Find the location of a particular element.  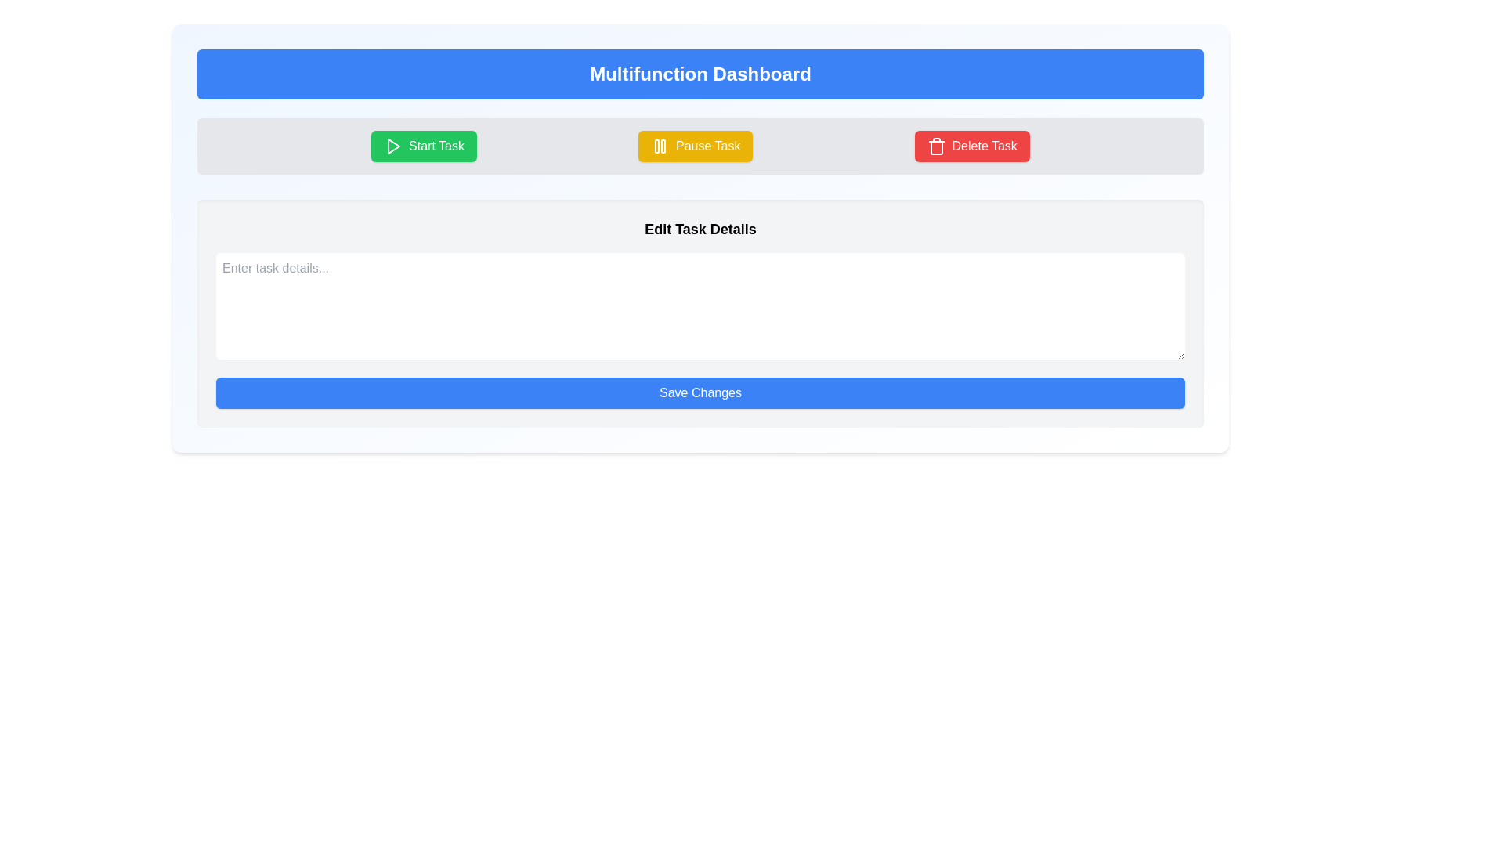

the icon located on the left side of the 'Start Task' button within the interactive green button in the upper section of the dashboard to initiate its function is located at coordinates (393, 146).